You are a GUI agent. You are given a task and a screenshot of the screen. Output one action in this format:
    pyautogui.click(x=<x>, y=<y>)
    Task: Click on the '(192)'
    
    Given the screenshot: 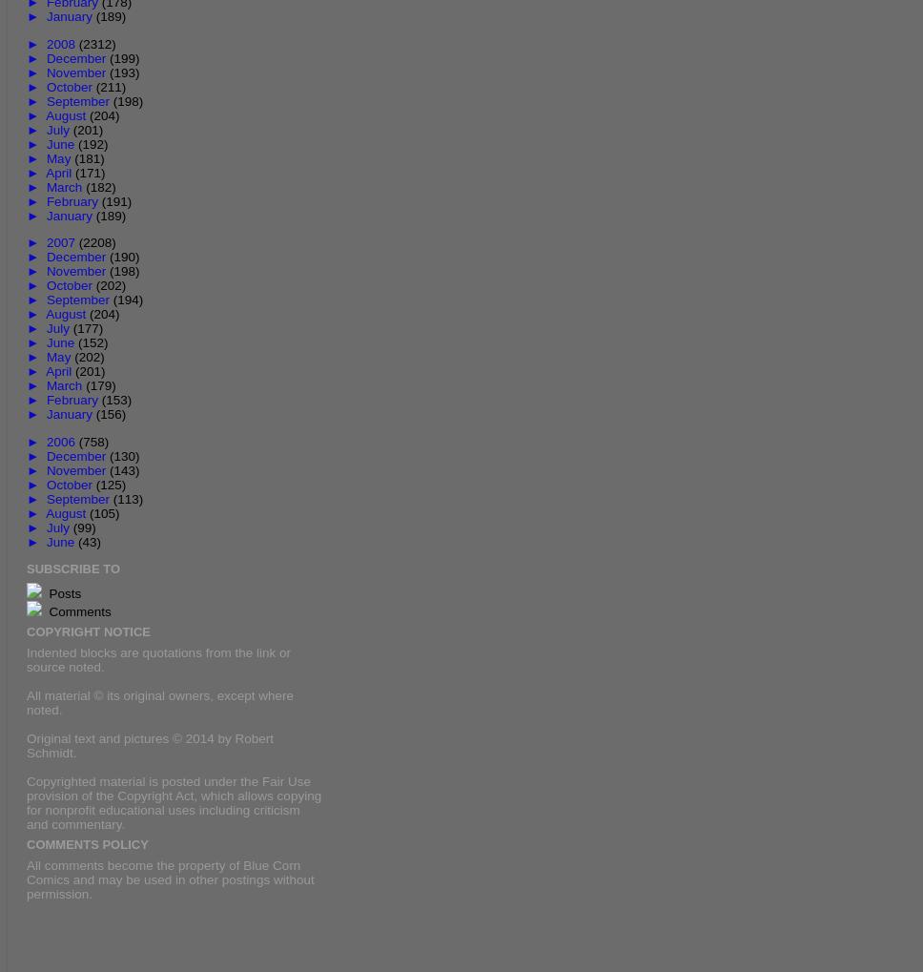 What is the action you would take?
    pyautogui.click(x=77, y=143)
    